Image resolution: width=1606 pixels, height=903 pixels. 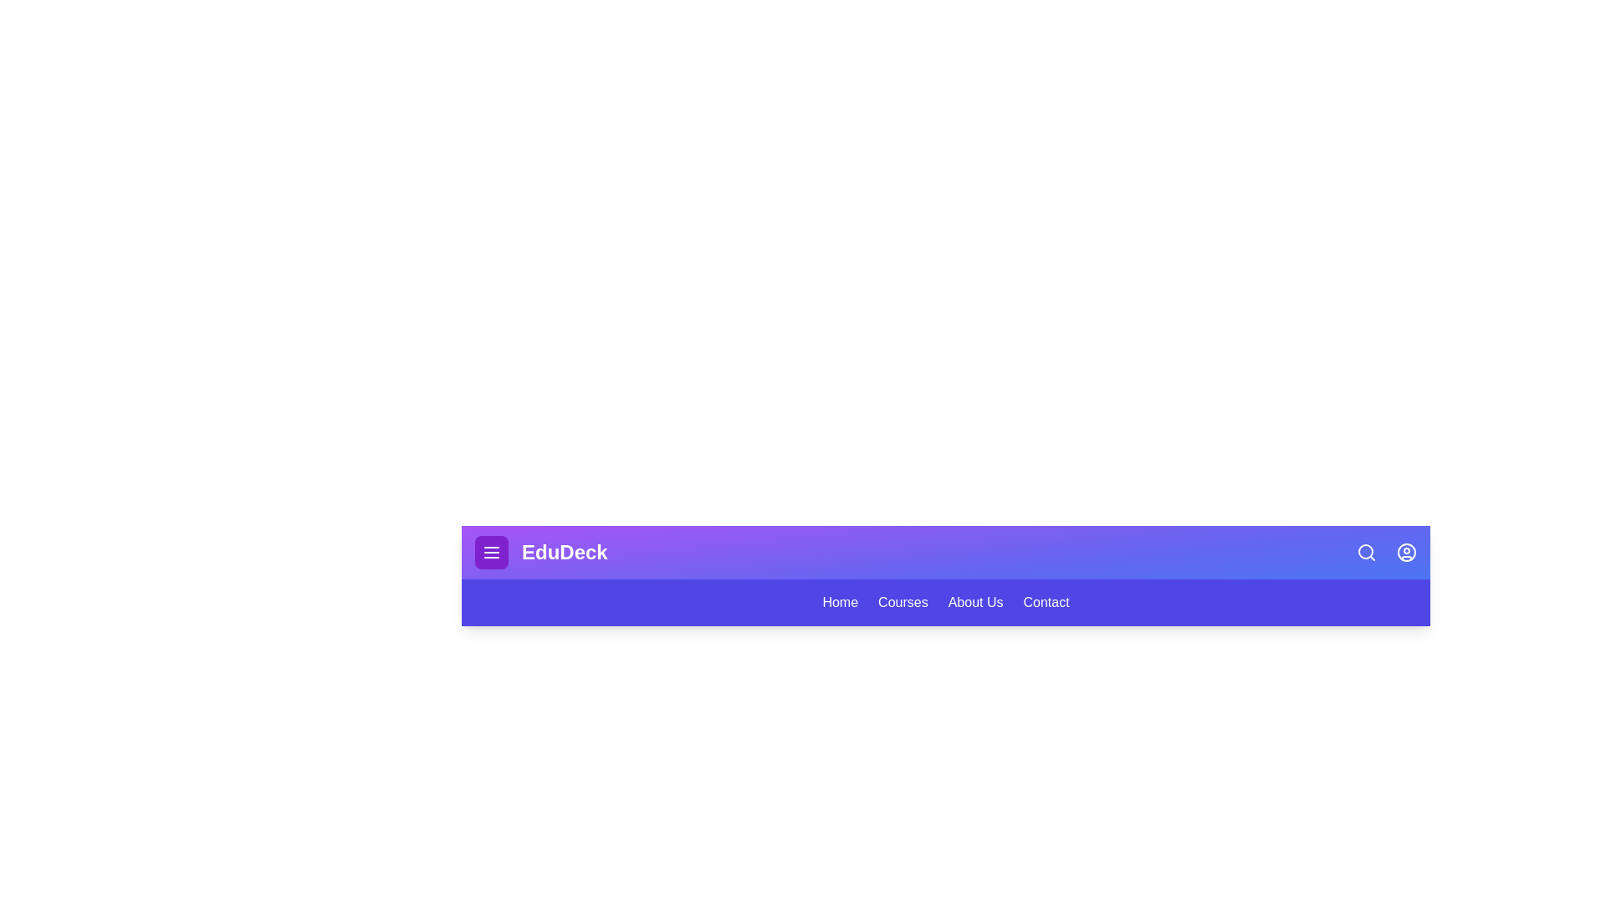 What do you see at coordinates (840, 603) in the screenshot?
I see `the menu item labeled Home to navigate to the corresponding section` at bounding box center [840, 603].